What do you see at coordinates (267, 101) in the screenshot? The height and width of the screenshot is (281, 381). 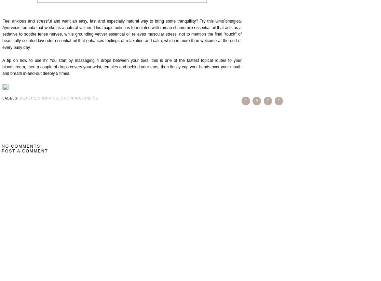 I see `'t'` at bounding box center [267, 101].